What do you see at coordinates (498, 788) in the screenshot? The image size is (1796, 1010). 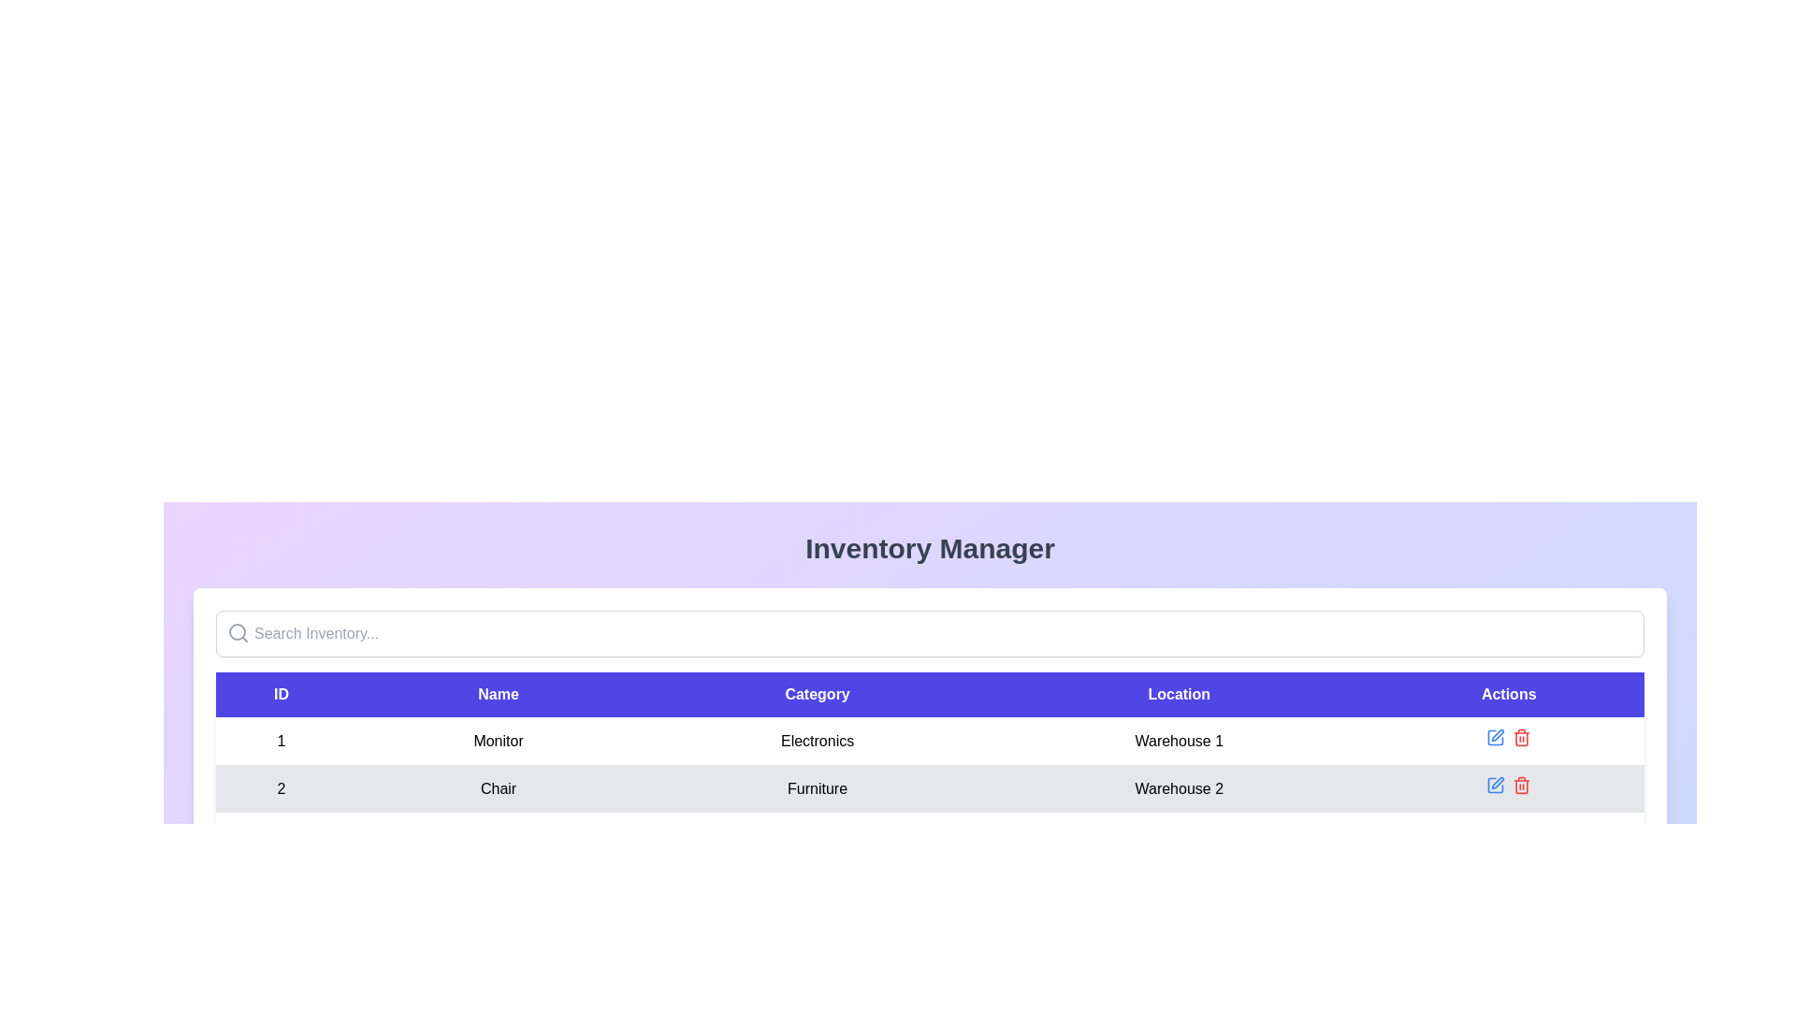 I see `the static text label displaying 'Chair', which is located in the second row of the inventory table under the 'Name' column, positioned between the numeric ID '2' and the text 'Furniture'` at bounding box center [498, 788].